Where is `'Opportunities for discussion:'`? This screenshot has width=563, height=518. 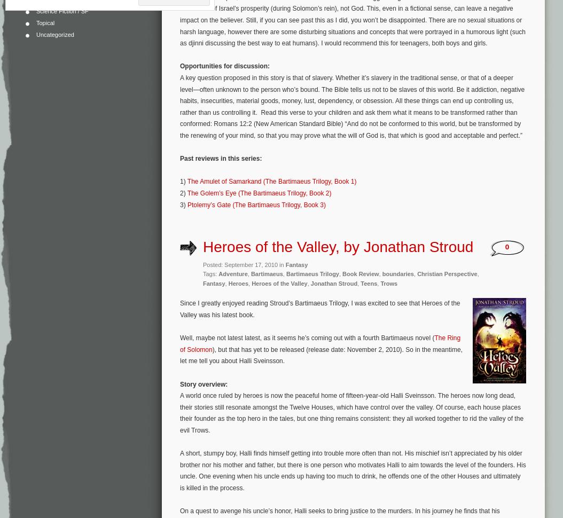 'Opportunities for discussion:' is located at coordinates (224, 66).